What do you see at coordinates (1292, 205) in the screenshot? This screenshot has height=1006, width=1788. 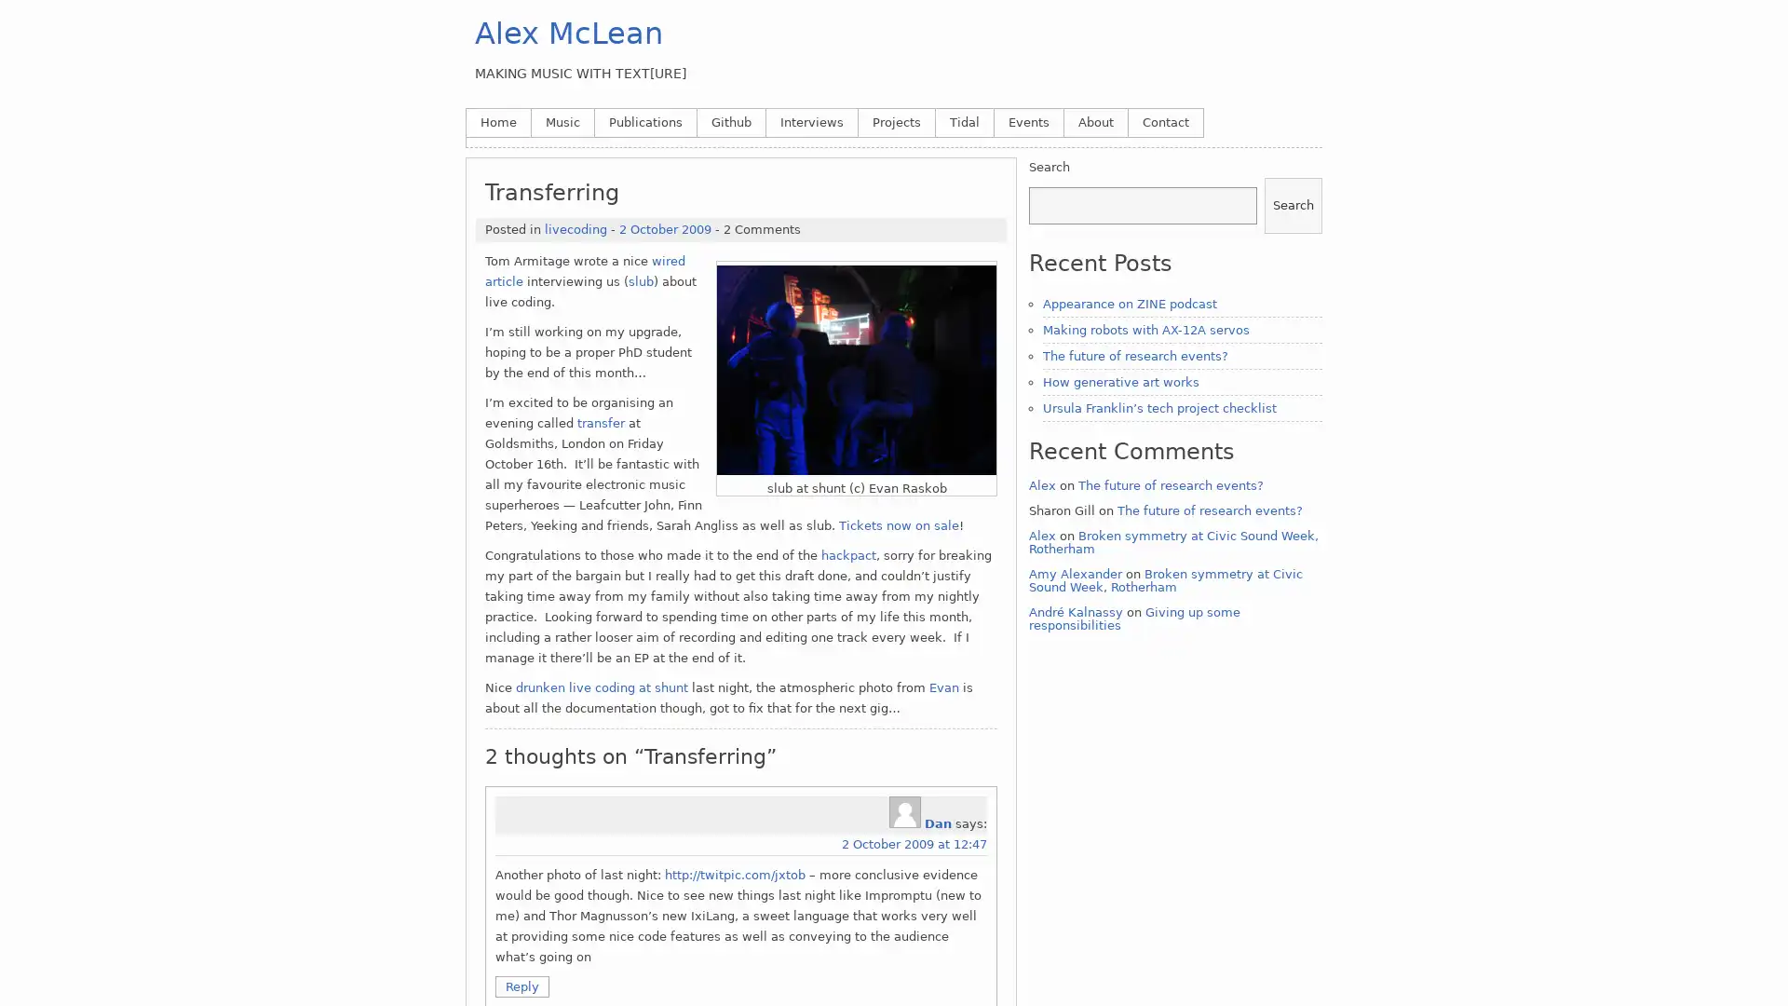 I see `Search` at bounding box center [1292, 205].